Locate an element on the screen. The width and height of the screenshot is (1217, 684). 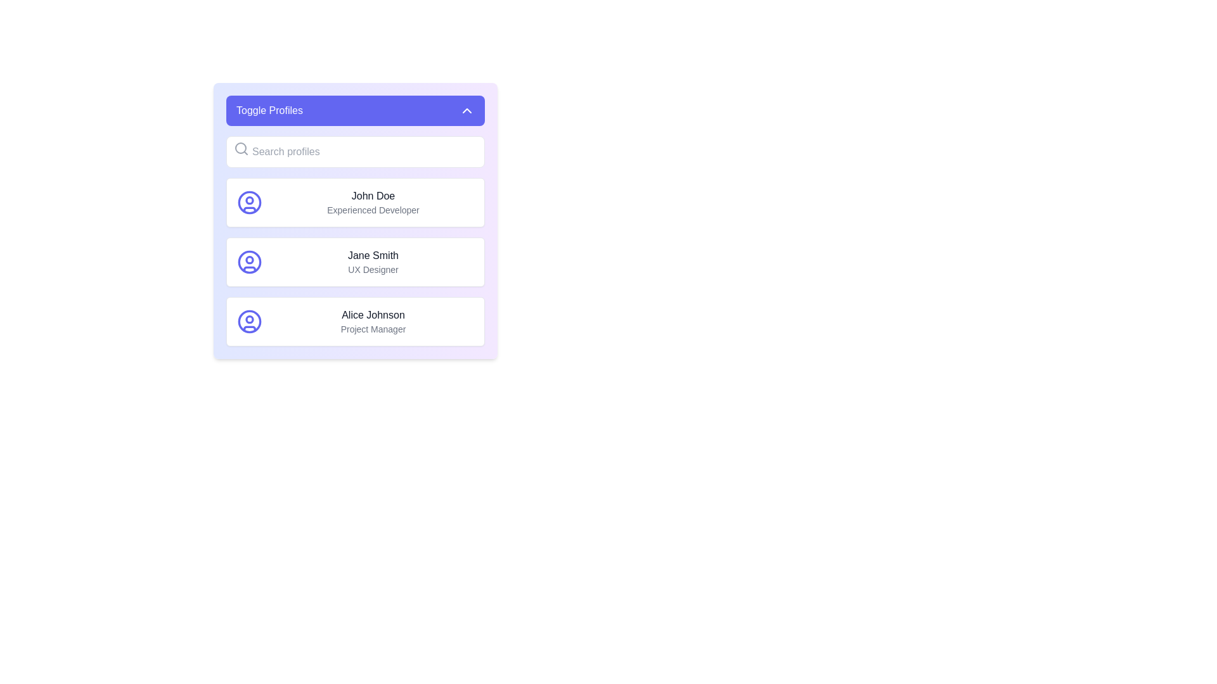
the text element displaying the name 'Jane Smith' in bold font within the profile card interface, positioned centrally above the subtitle 'UX Designer' is located at coordinates (373, 256).